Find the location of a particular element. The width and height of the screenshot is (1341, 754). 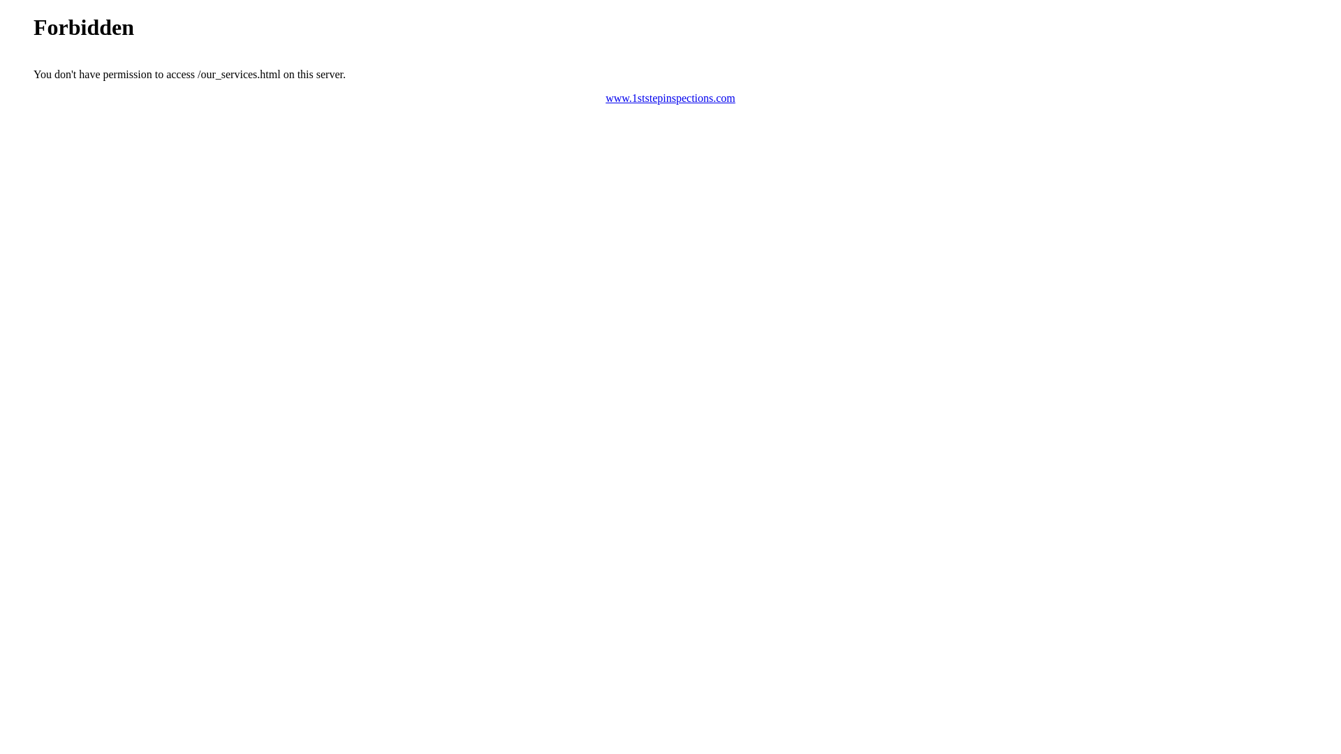

'www.1ststepinspections.com' is located at coordinates (606, 97).